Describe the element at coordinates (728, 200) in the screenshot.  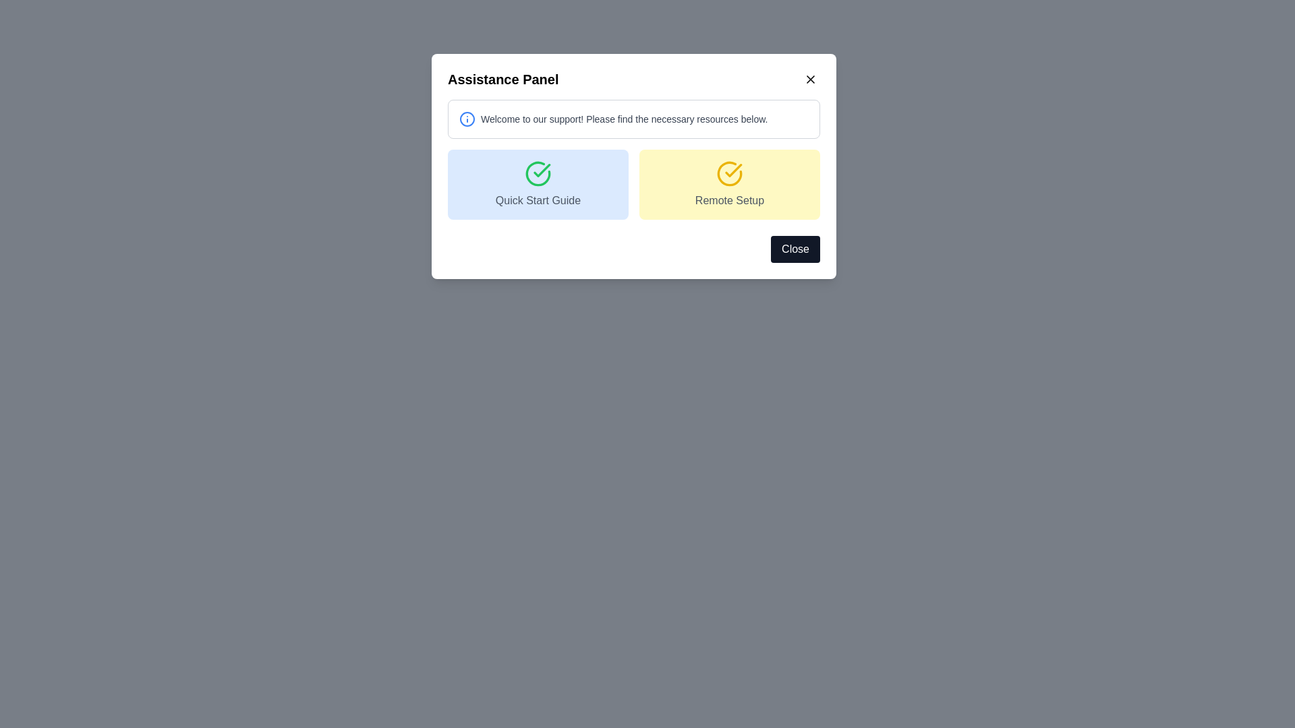
I see `the Text label that serves as a descriptor for the 'Remote Setup' section, which is located beneath a decorative icon of a checkmark within a yellow circle` at that location.